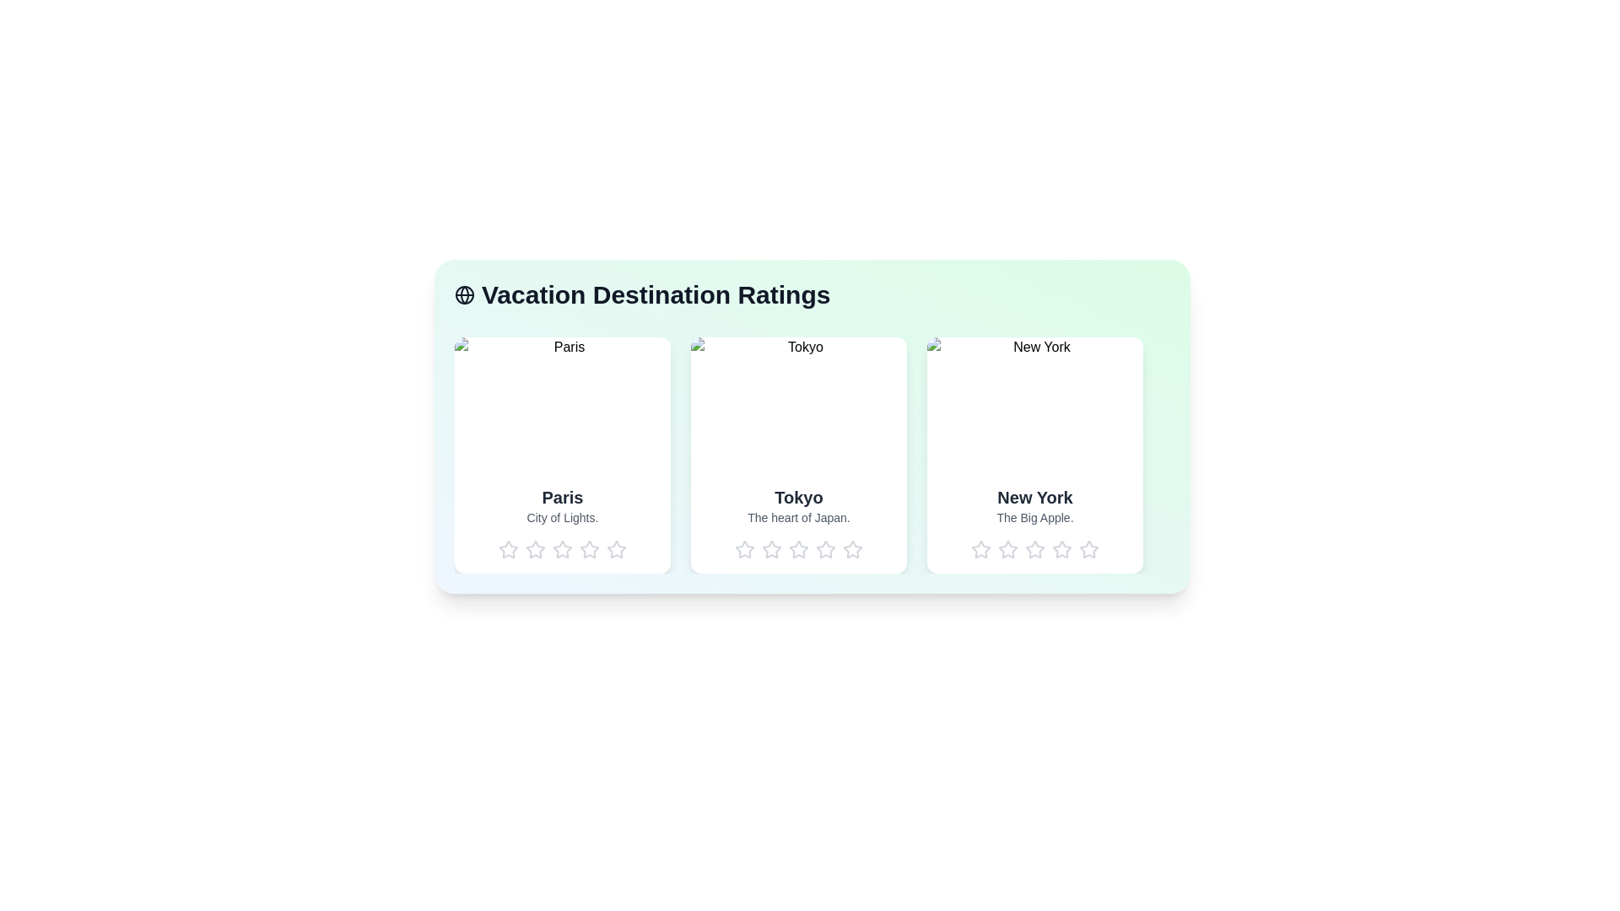  I want to click on the image of the destination Tokyo to view it, so click(797, 404).